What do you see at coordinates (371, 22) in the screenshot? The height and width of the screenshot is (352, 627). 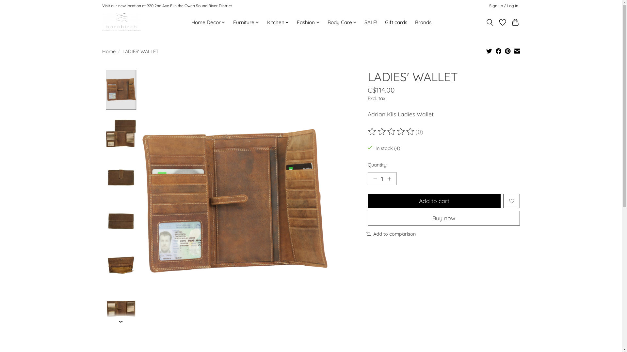 I see `'SALE!'` at bounding box center [371, 22].